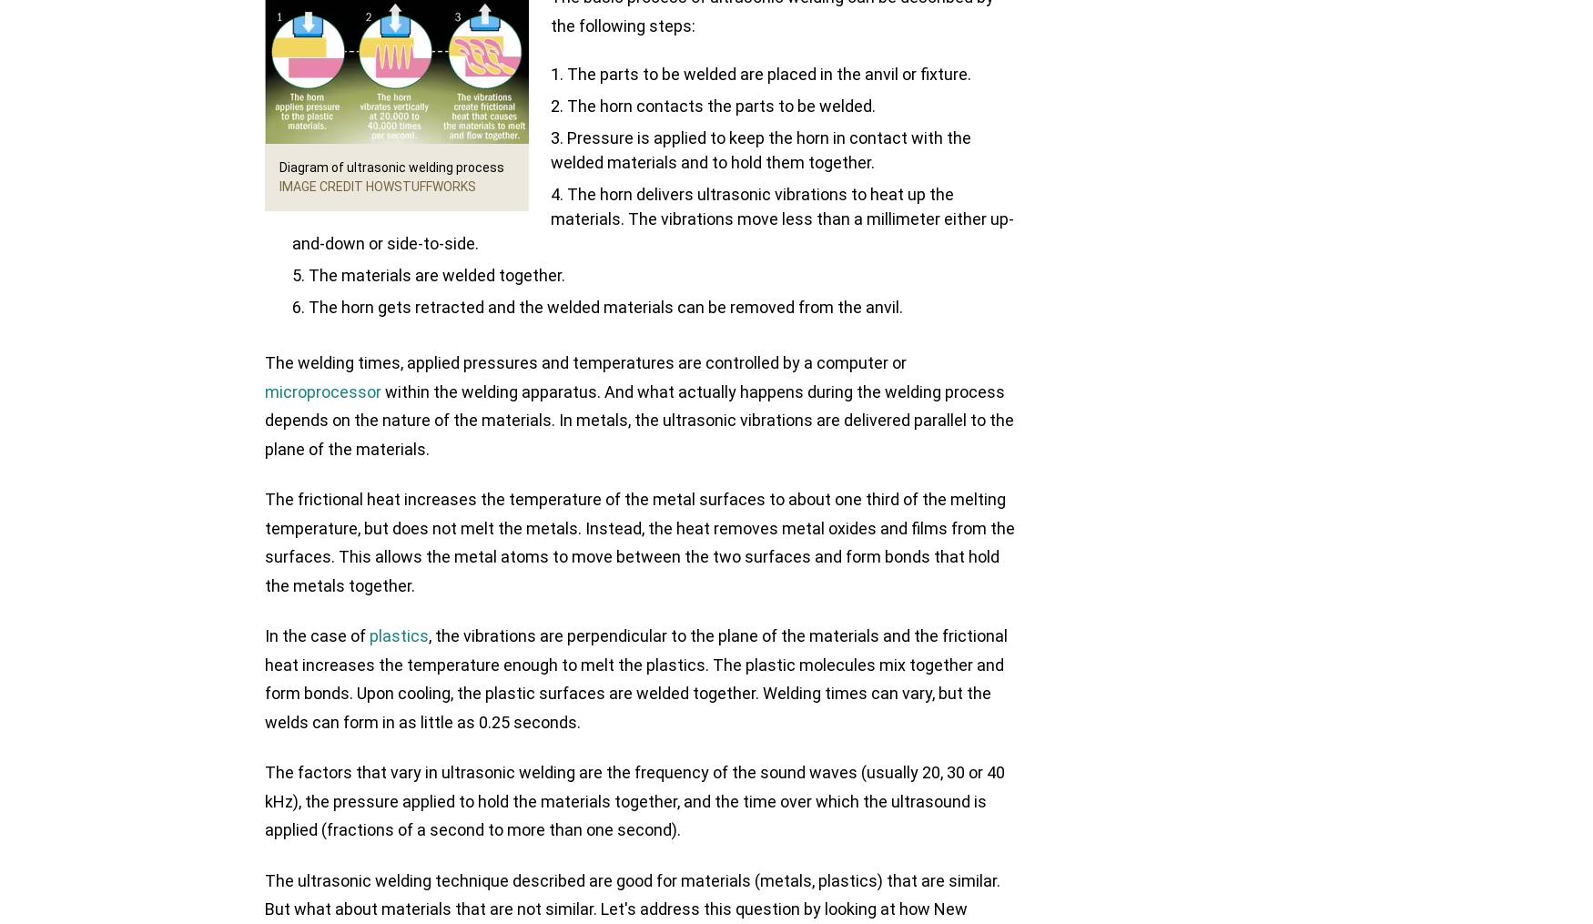  I want to click on 'The horn contacts the parts to be welded.', so click(720, 106).